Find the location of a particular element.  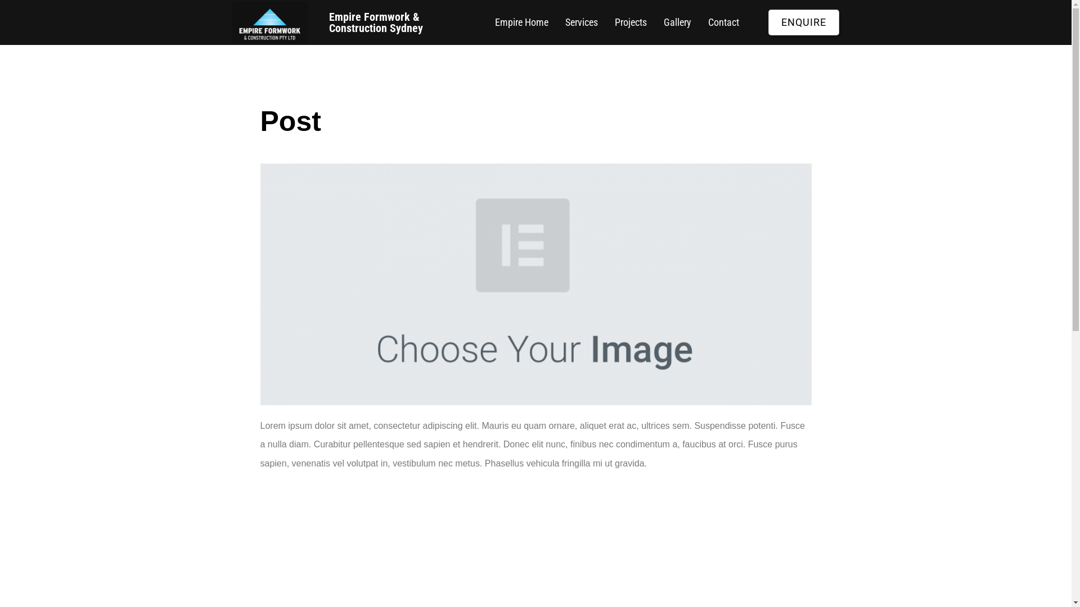

'Projects' is located at coordinates (631, 22).